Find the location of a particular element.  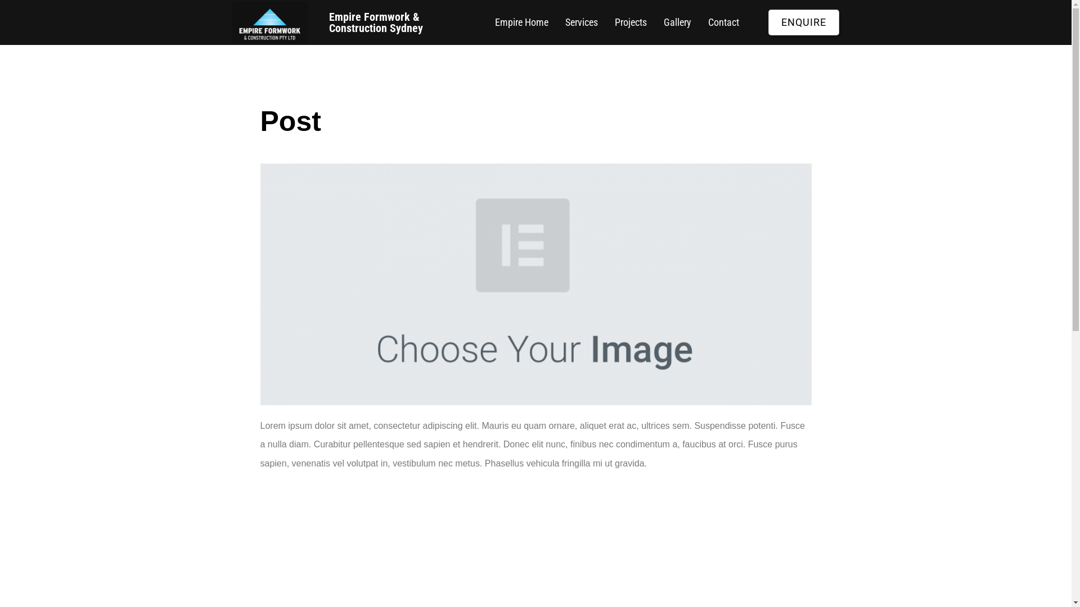

'Projects' is located at coordinates (631, 22).